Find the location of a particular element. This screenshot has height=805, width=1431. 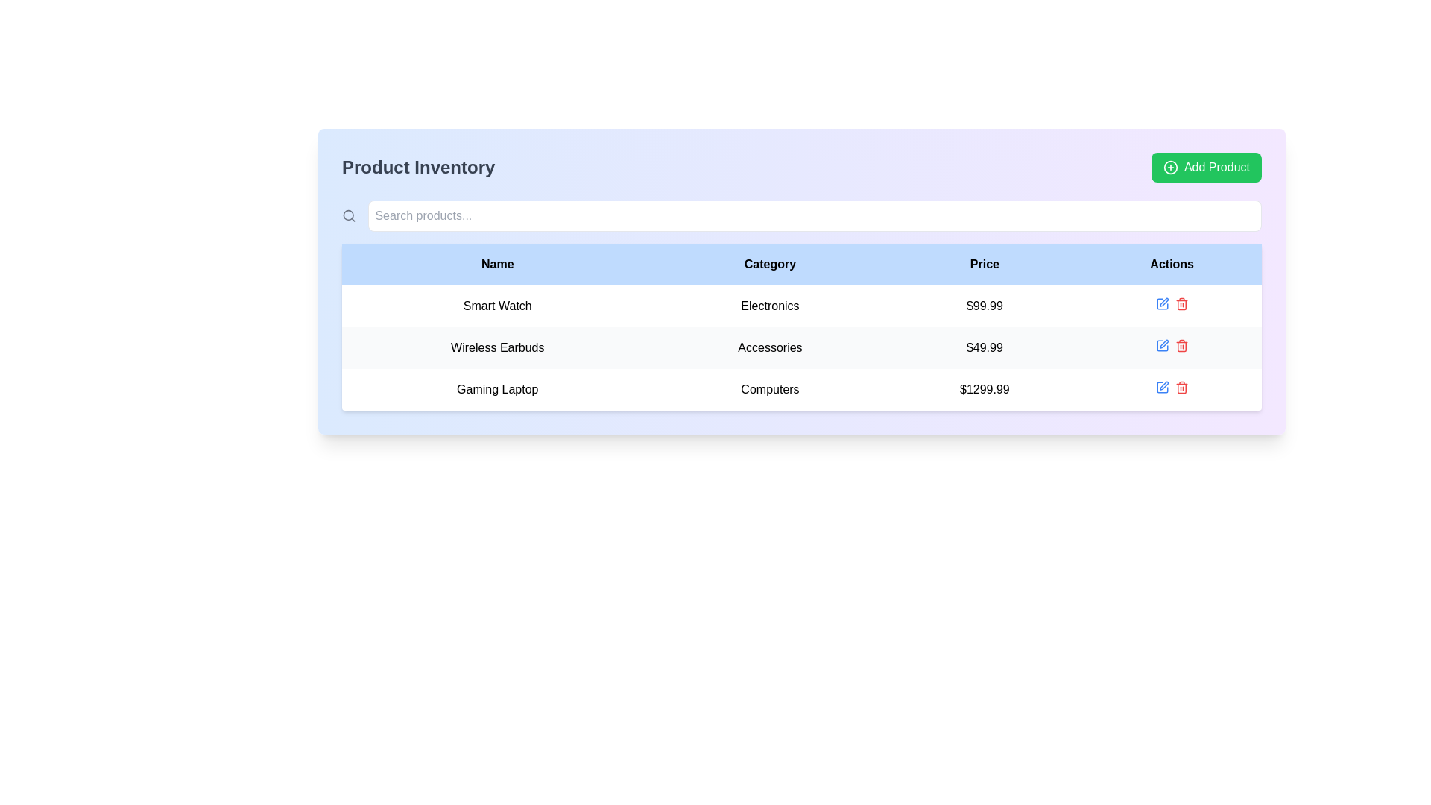

the 'edit' icon in the 'Actions' column for the 'Gaming Laptop' entry is located at coordinates (1163, 385).